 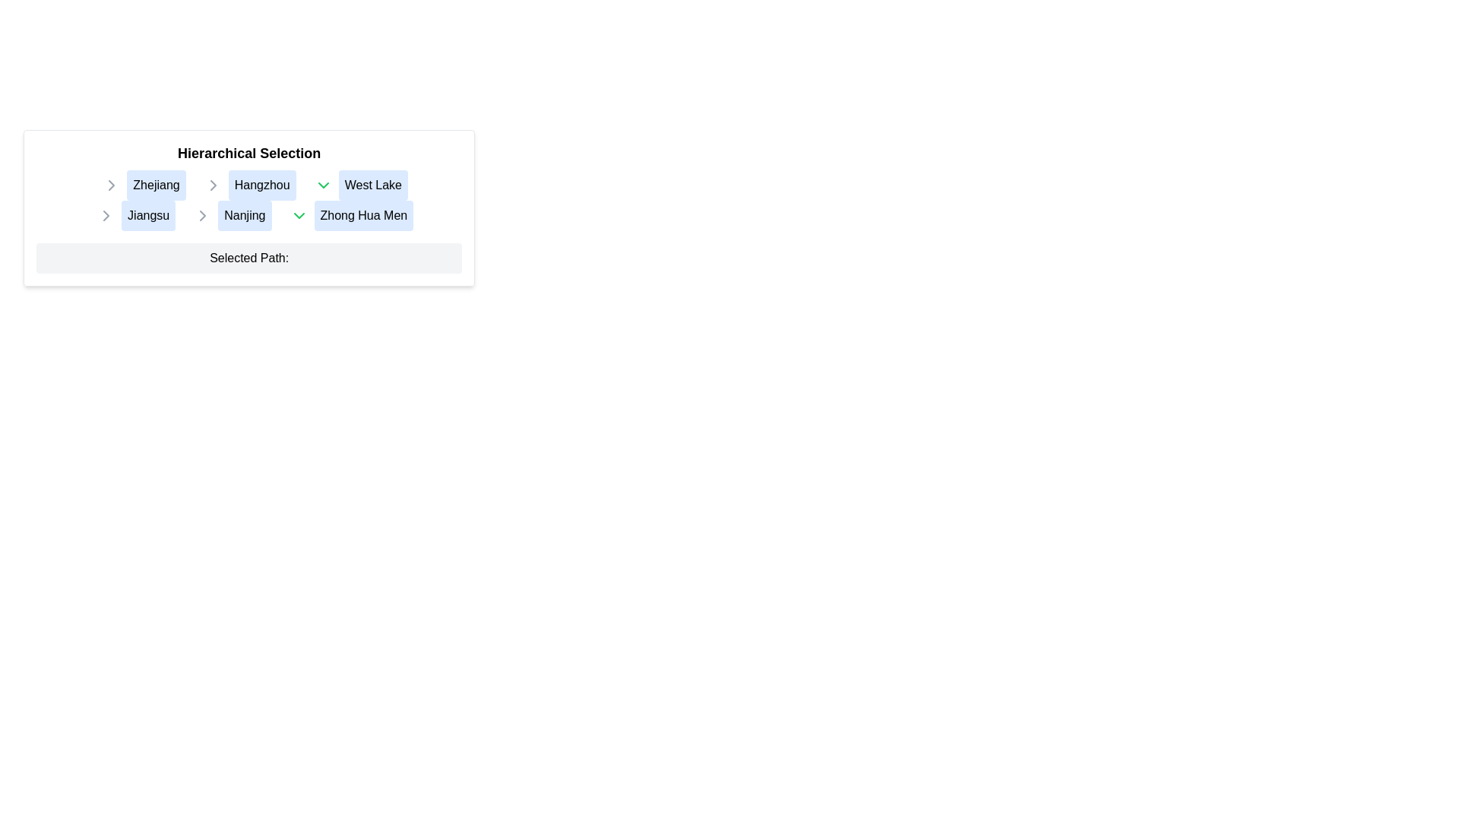 What do you see at coordinates (322, 184) in the screenshot?
I see `the Dropdown indicator arrow located immediately before the 'West Lake' interactive button` at bounding box center [322, 184].